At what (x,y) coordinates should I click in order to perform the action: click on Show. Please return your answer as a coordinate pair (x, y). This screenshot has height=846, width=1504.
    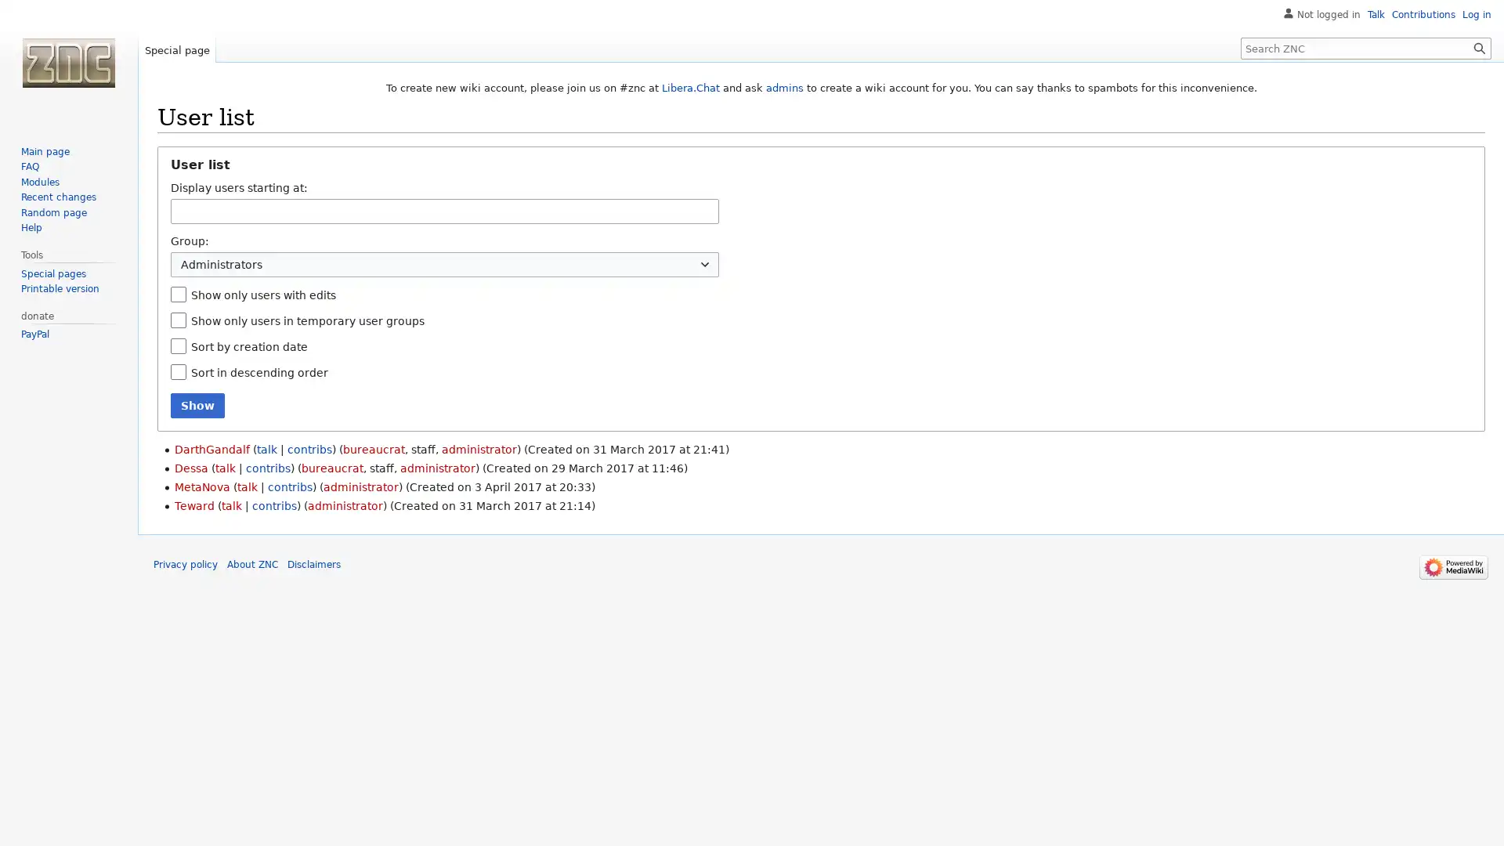
    Looking at the image, I should click on (197, 404).